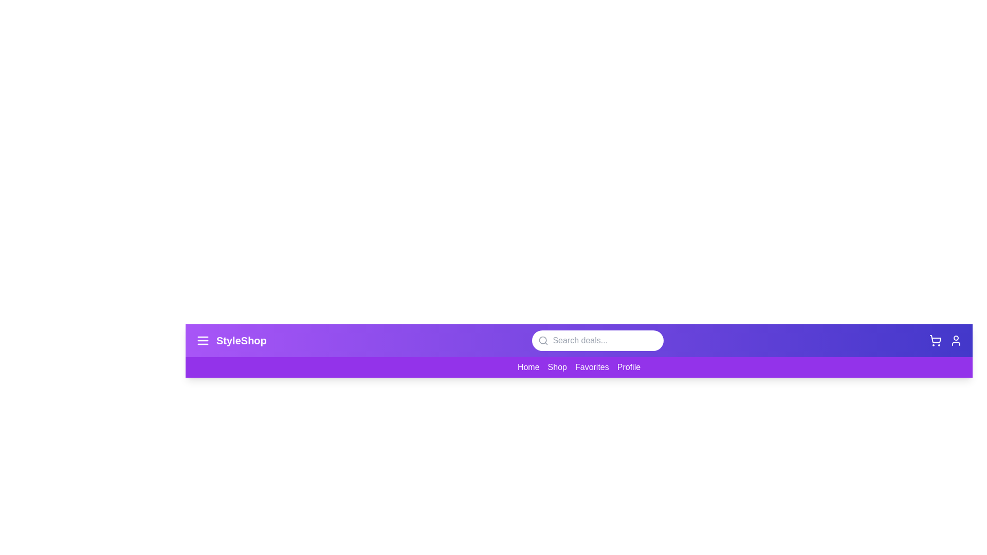 This screenshot has height=555, width=987. What do you see at coordinates (935, 341) in the screenshot?
I see `the shopping cart icon to view cart contents` at bounding box center [935, 341].